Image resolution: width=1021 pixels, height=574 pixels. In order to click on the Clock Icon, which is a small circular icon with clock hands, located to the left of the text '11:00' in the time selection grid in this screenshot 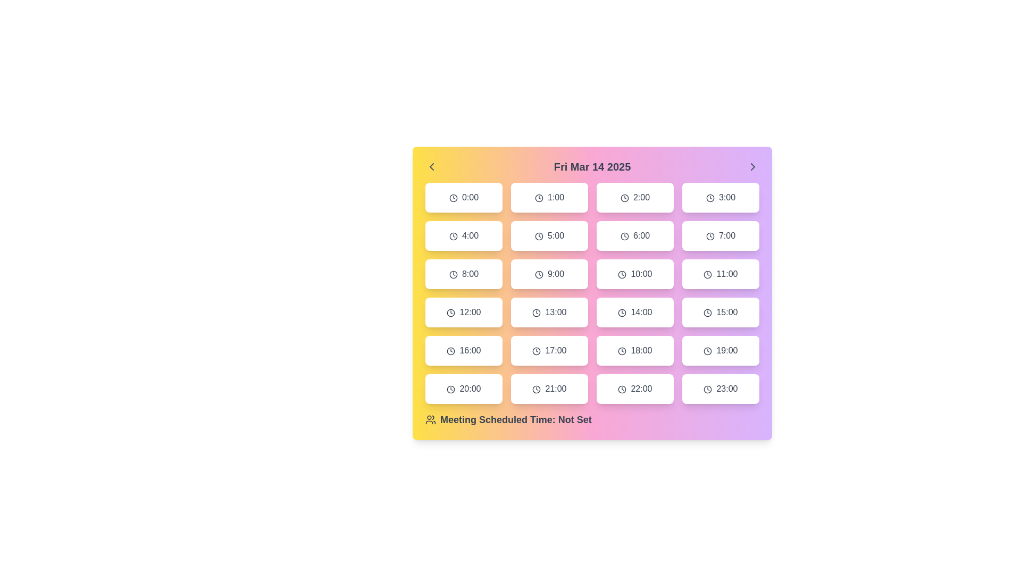, I will do `click(708, 274)`.